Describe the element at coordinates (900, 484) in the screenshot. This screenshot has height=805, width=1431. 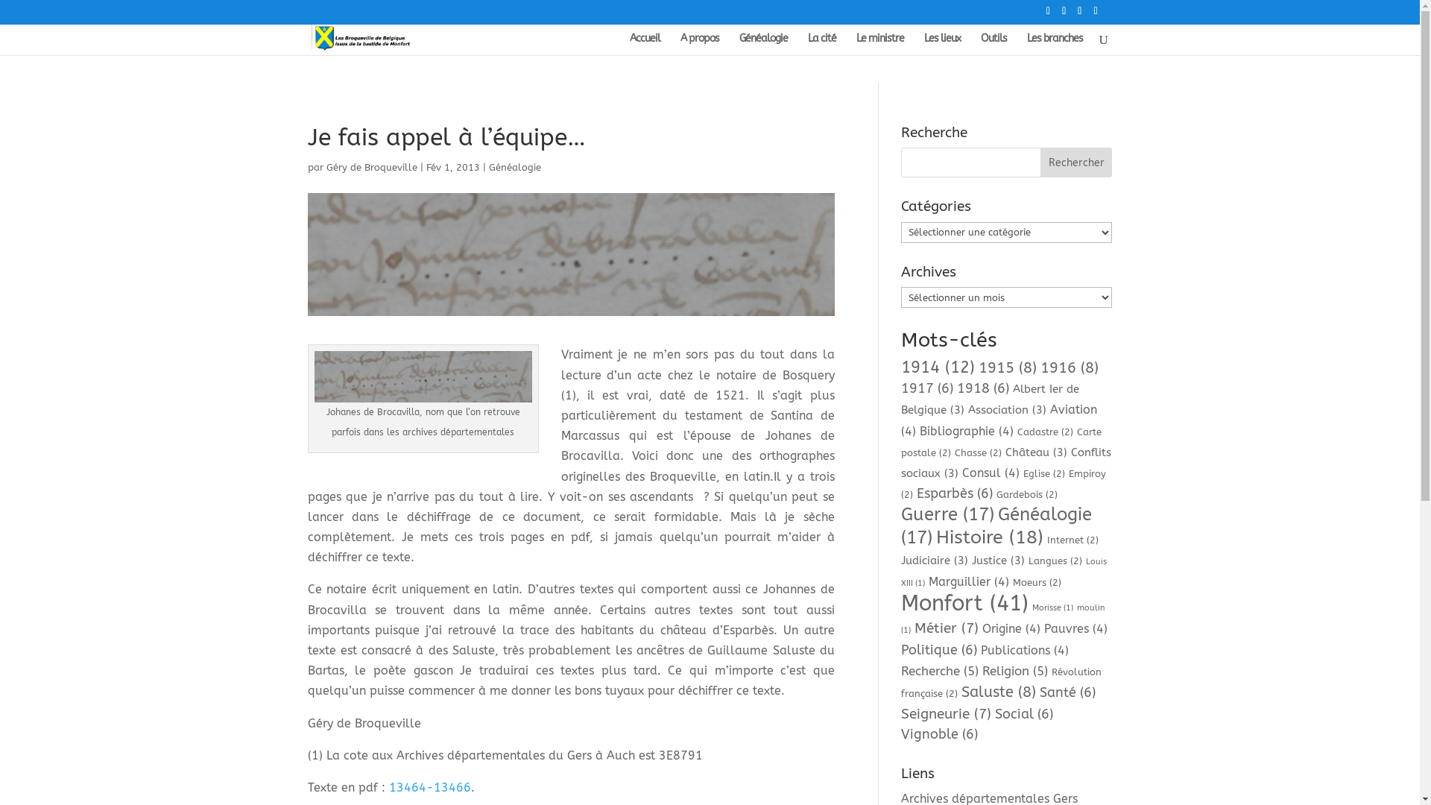
I see `'Empiroy (2)'` at that location.